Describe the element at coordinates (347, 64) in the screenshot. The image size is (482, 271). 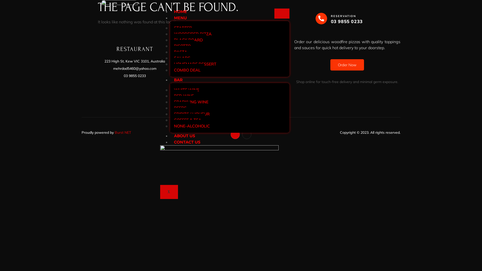
I see `'Order Now'` at that location.